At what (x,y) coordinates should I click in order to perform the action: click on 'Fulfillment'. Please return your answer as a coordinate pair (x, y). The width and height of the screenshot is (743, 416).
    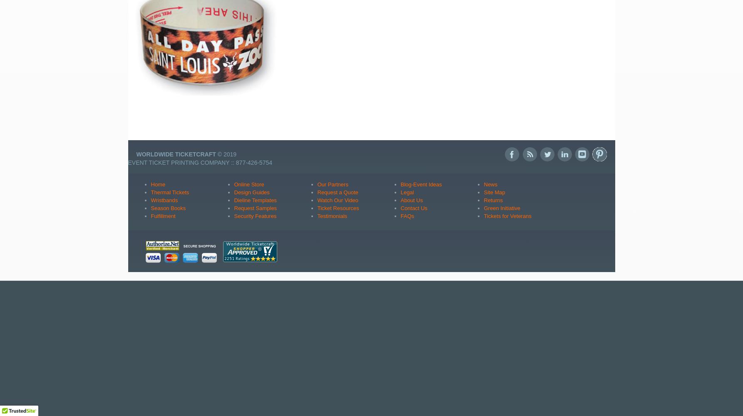
    Looking at the image, I should click on (162, 215).